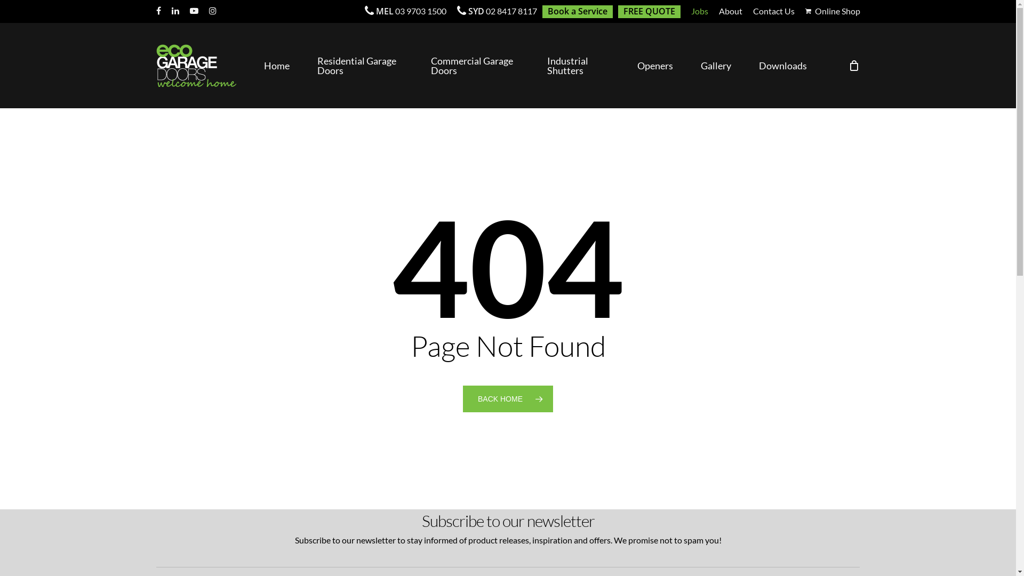  Describe the element at coordinates (773, 12) in the screenshot. I see `'Contact Us'` at that location.